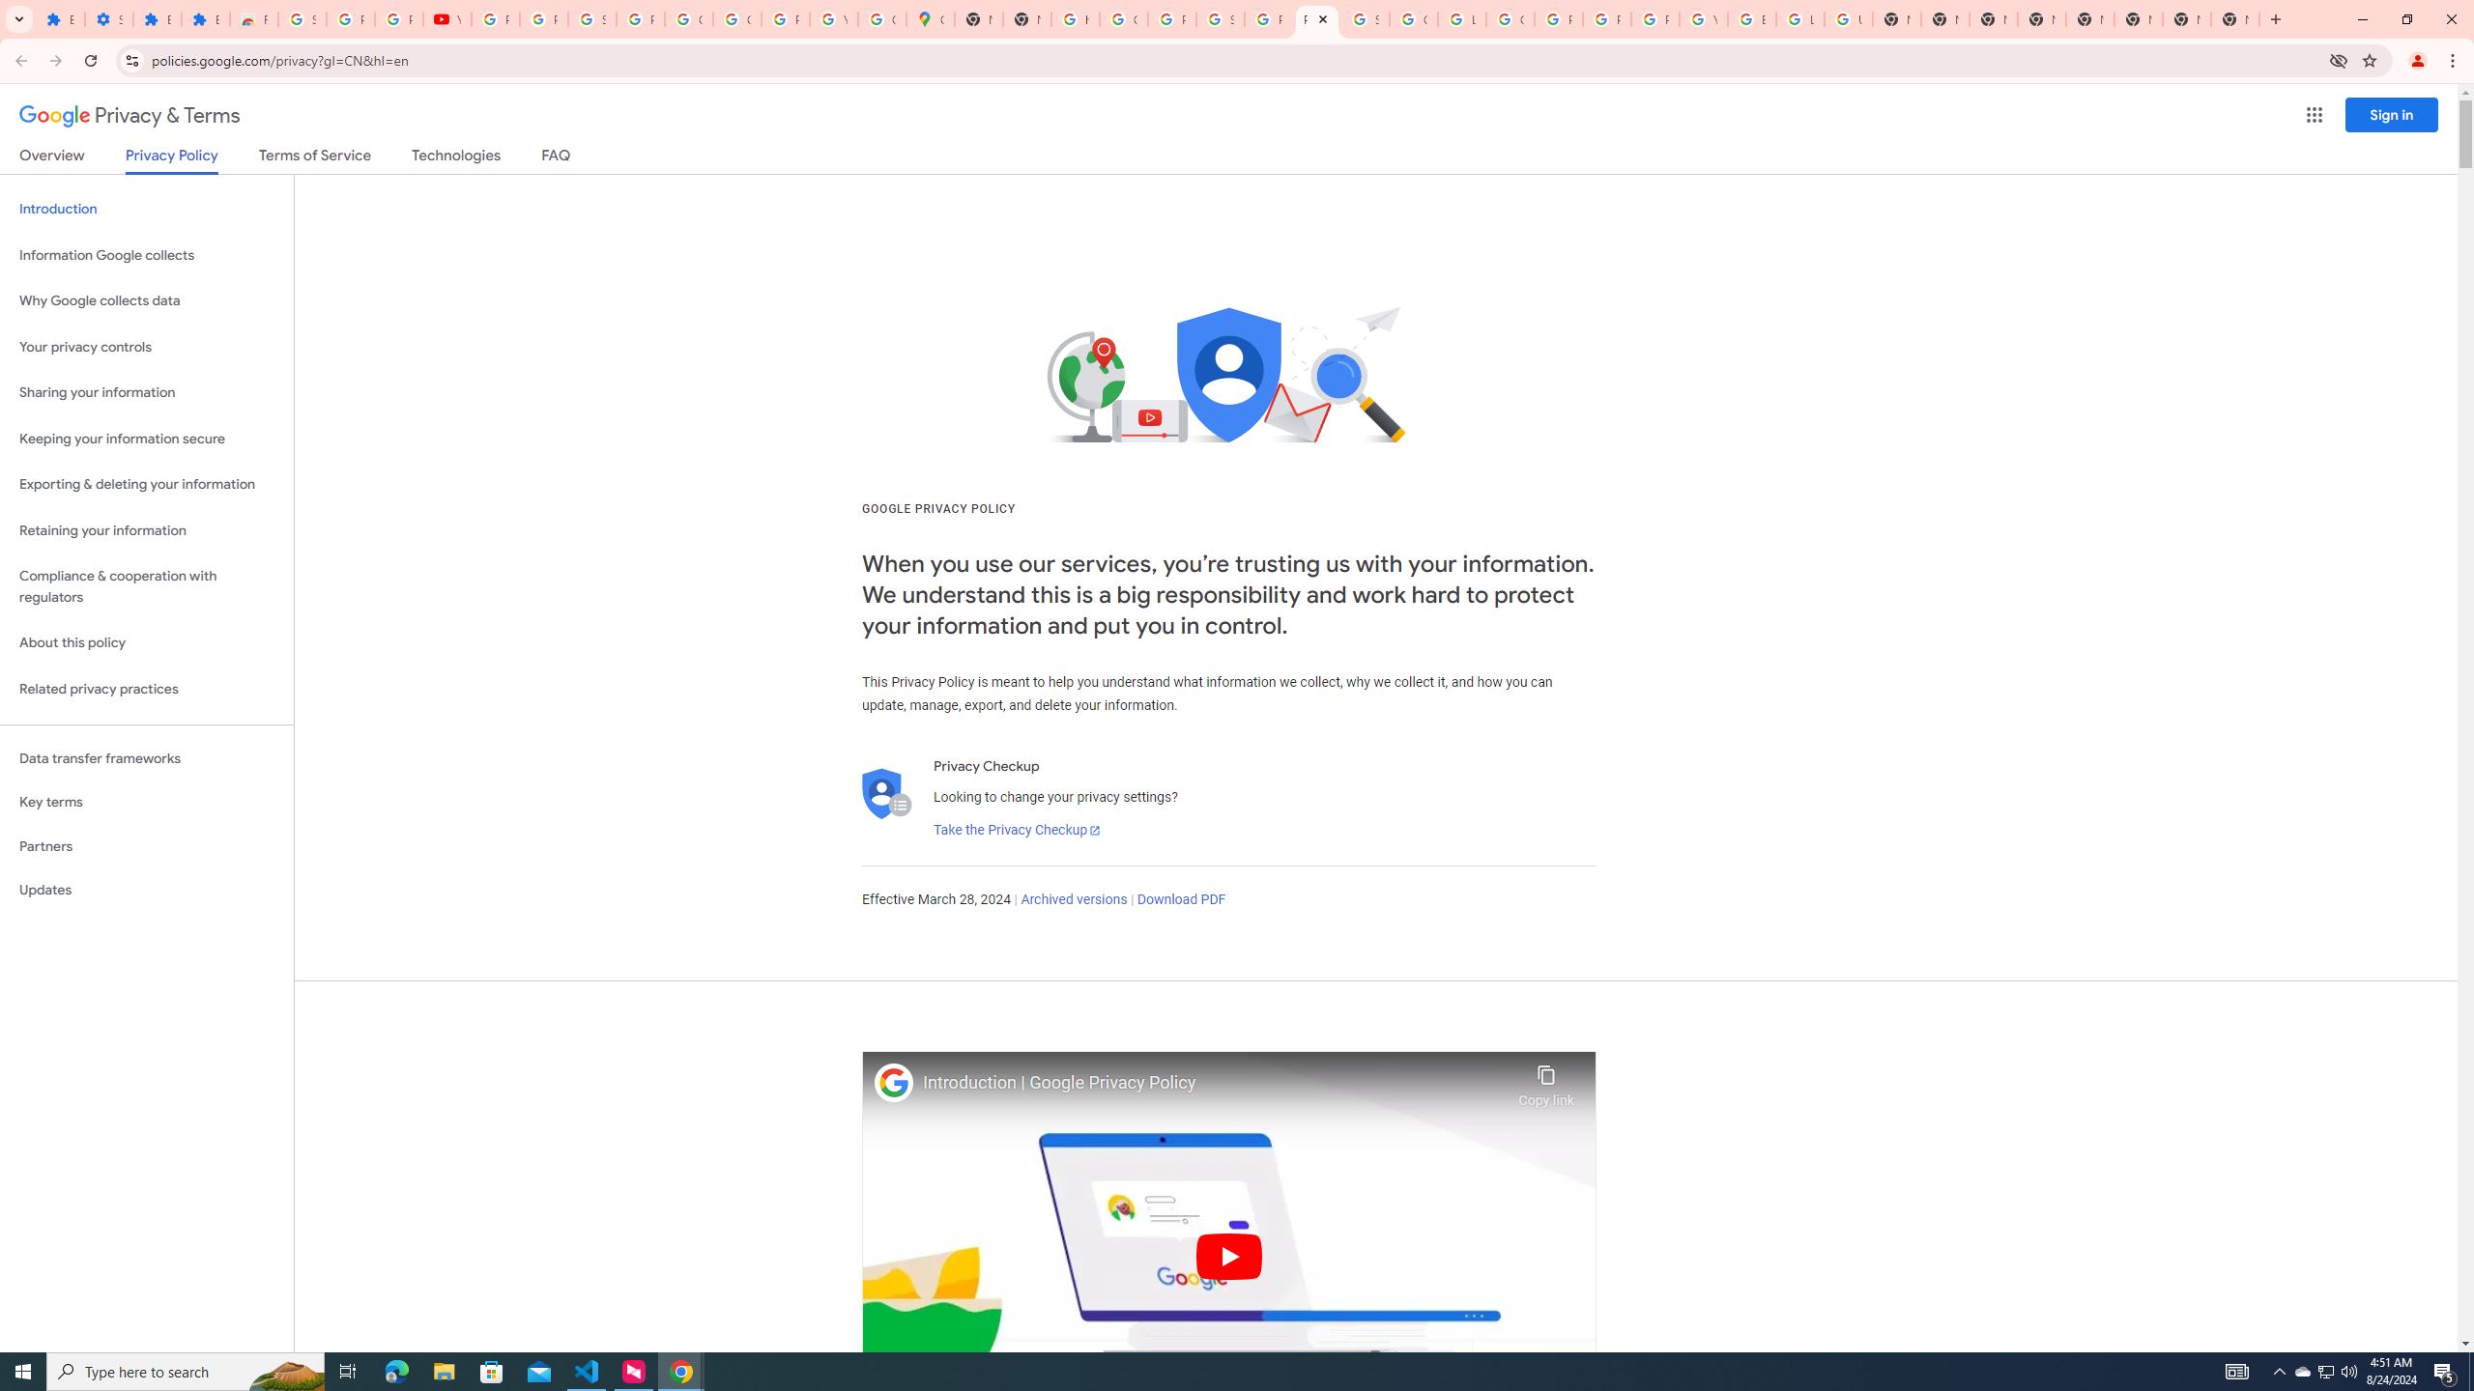 Image resolution: width=2474 pixels, height=1391 pixels. What do you see at coordinates (688, 18) in the screenshot?
I see `'Google Account'` at bounding box center [688, 18].